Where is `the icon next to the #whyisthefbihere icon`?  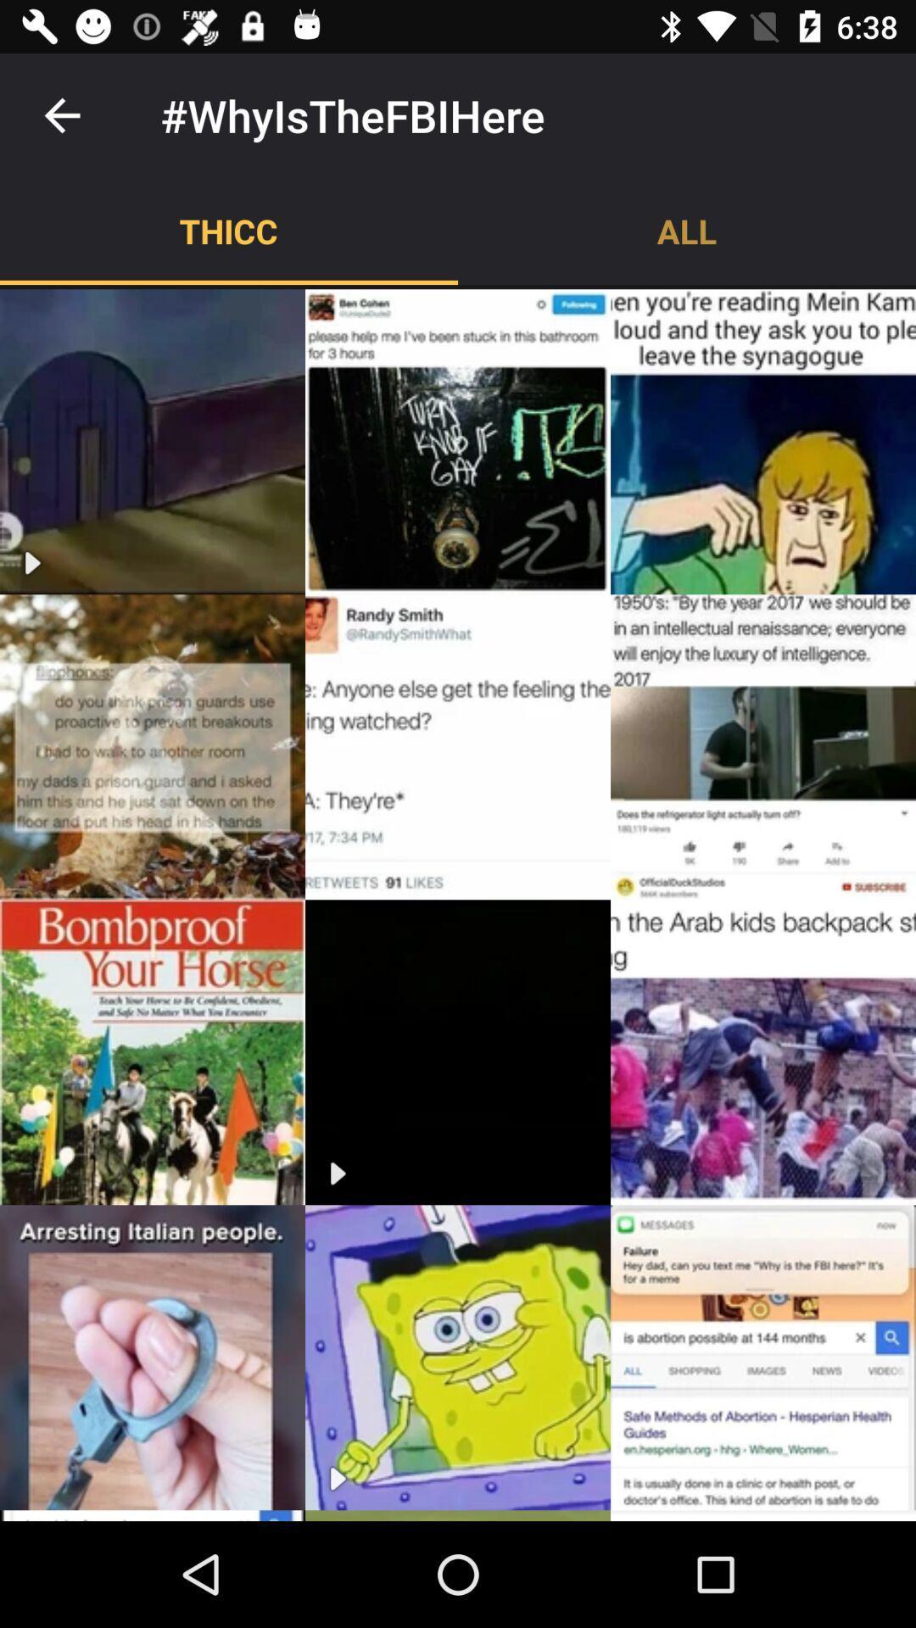 the icon next to the #whyisthefbihere icon is located at coordinates (61, 114).